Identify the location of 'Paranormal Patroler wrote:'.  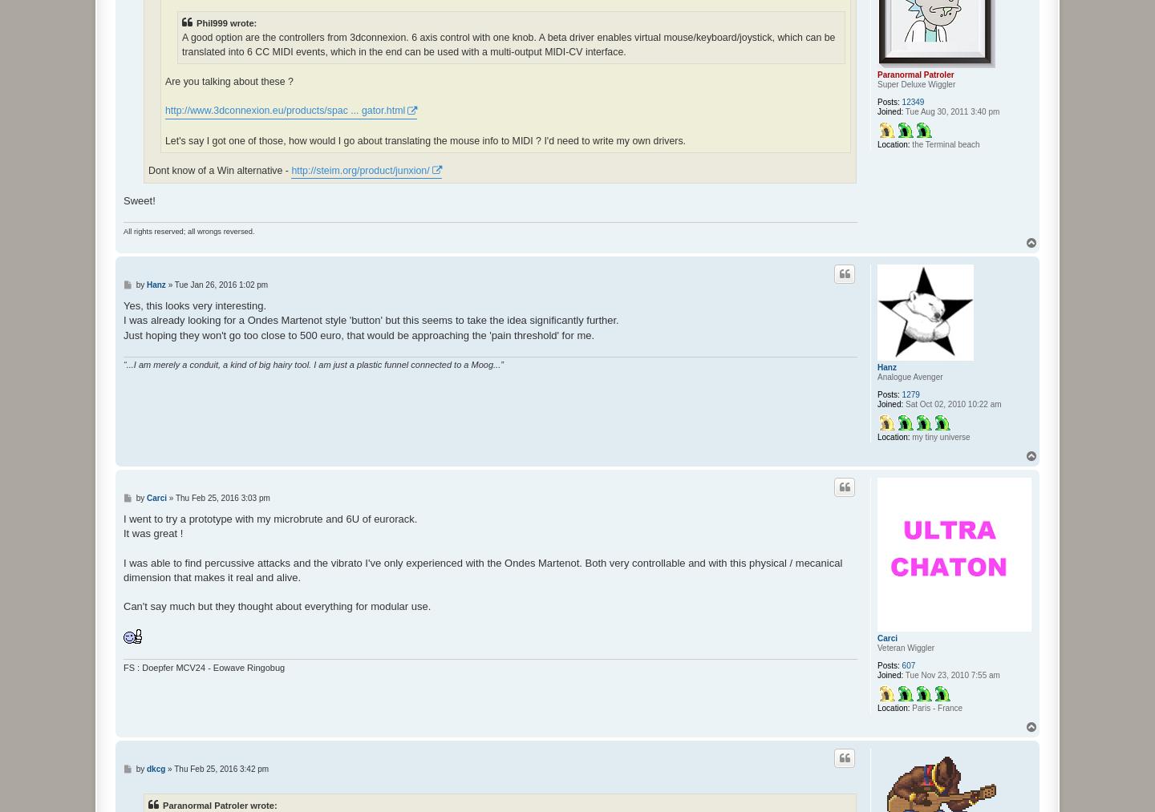
(219, 804).